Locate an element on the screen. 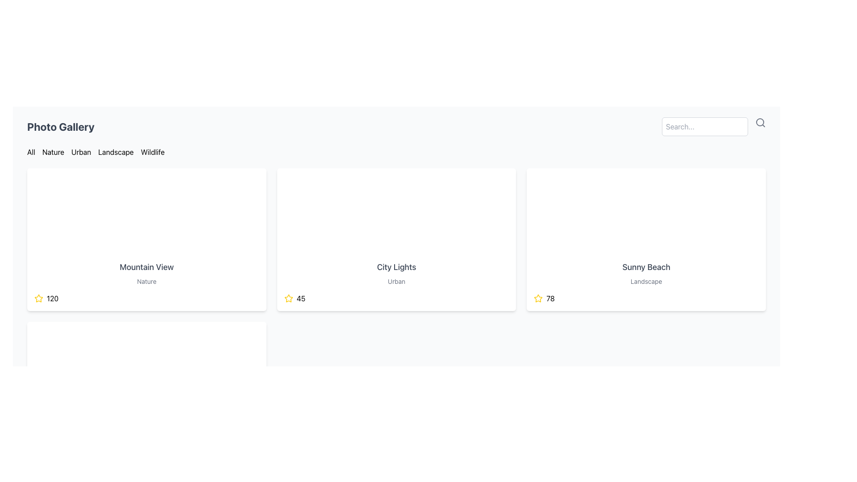  the text label displaying 'Urban' located in the navigation bar, which is the third item from the left among category options is located at coordinates (81, 151).